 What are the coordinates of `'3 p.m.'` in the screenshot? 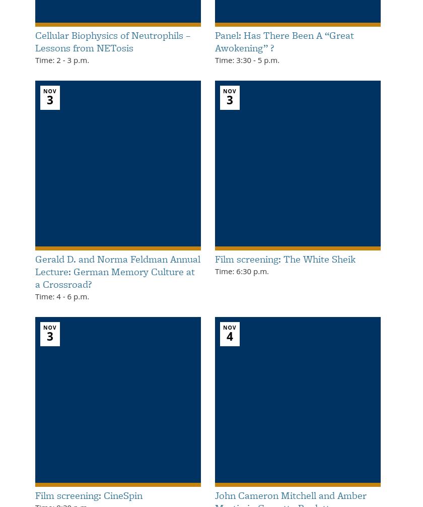 It's located at (77, 59).